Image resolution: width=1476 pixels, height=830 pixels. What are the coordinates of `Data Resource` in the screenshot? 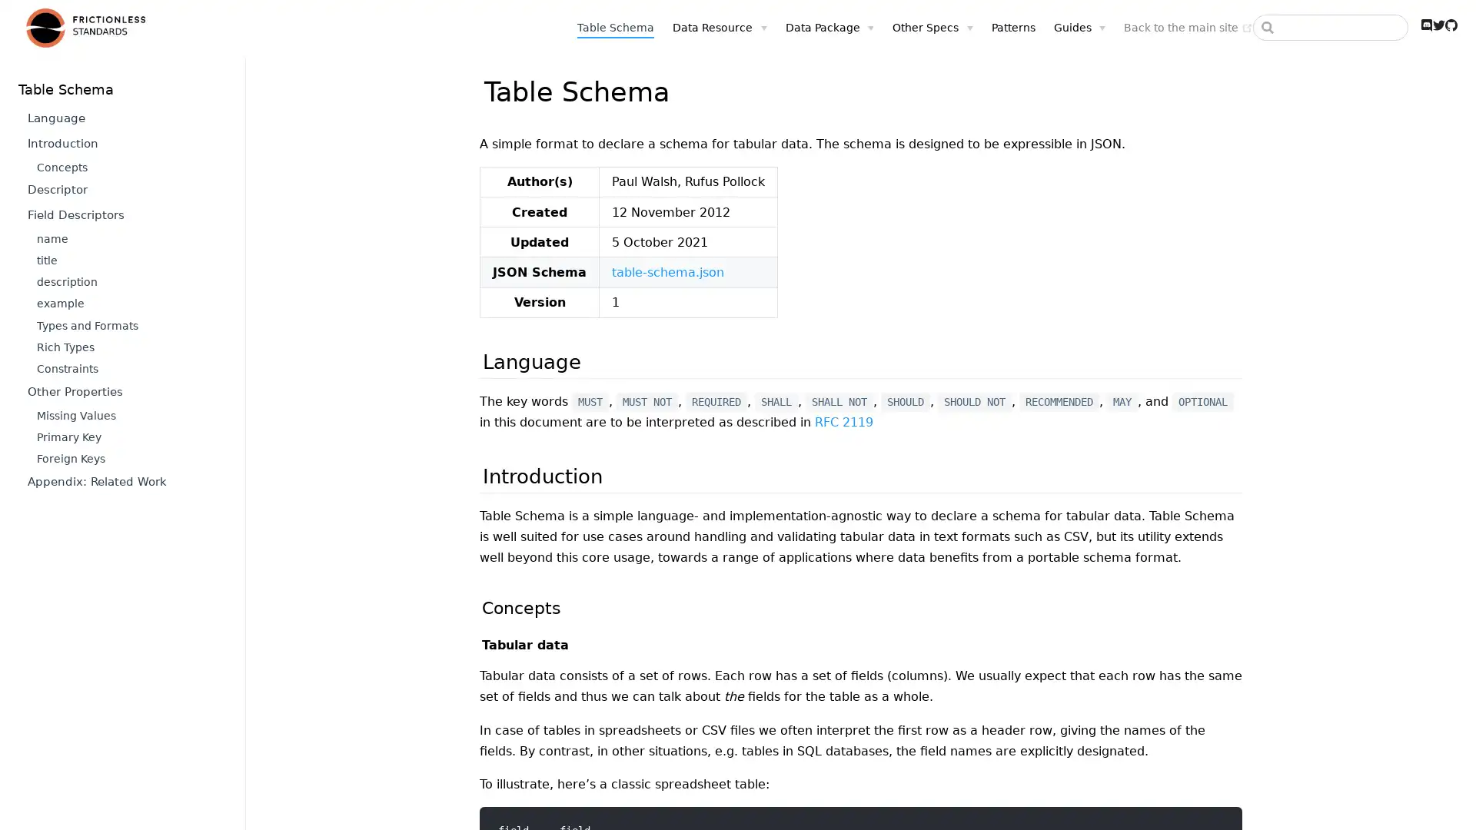 It's located at (719, 27).